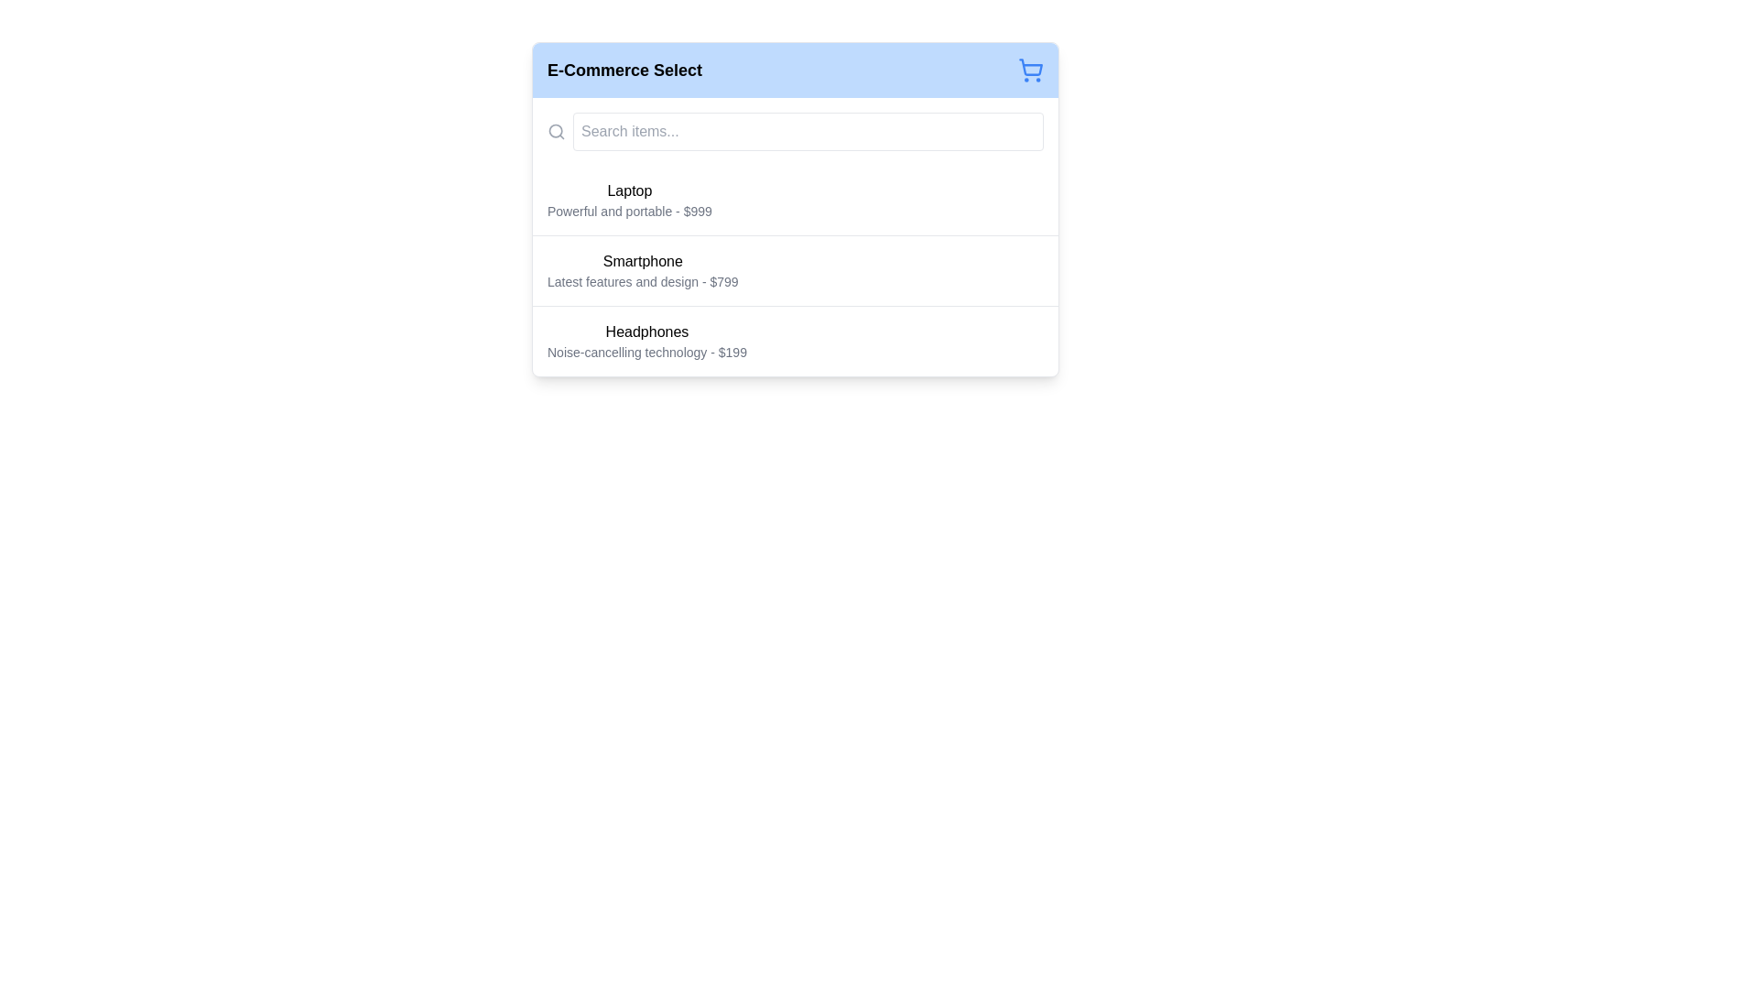 This screenshot has width=1758, height=989. Describe the element at coordinates (795, 235) in the screenshot. I see `an item in the product listing interface of the 'E-Commerce Select' panel` at that location.